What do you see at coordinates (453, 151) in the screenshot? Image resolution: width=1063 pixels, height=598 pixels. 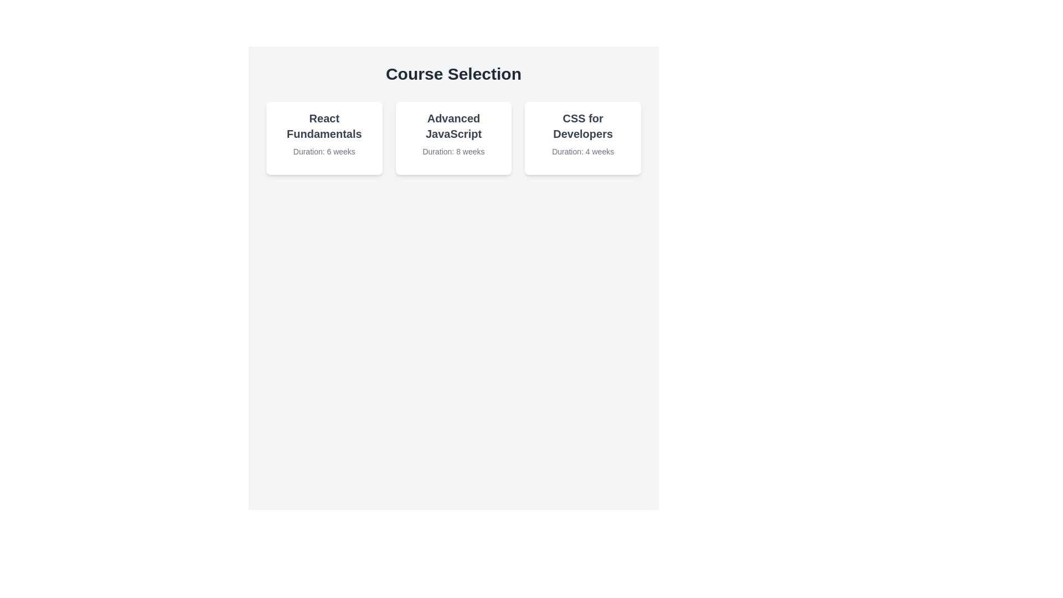 I see `information displayed in the text label that shows 'Duration: 8 weeks', which is styled in gray and located under the title 'Advanced JavaScript'` at bounding box center [453, 151].